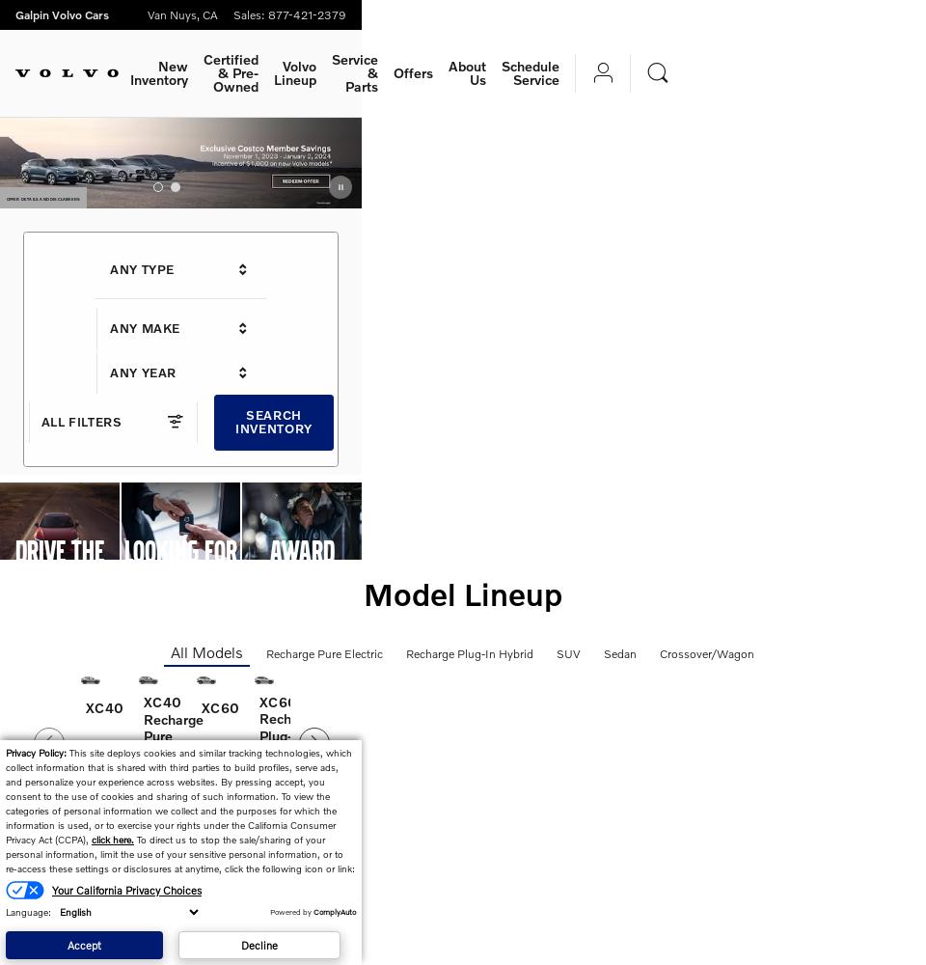 This screenshot has height=965, width=926. What do you see at coordinates (63, 617) in the screenshot?
I see `'View Our Inventory'` at bounding box center [63, 617].